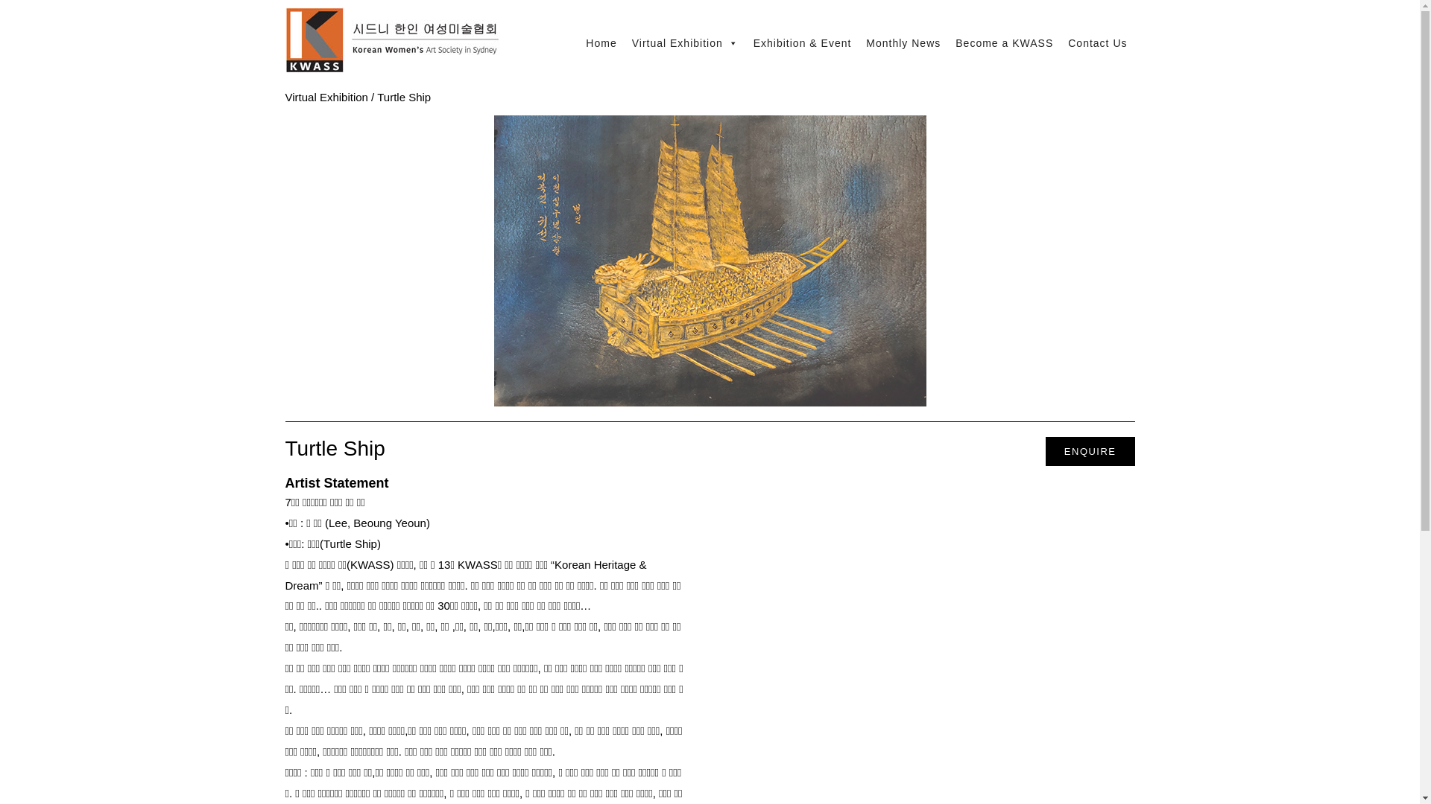 The image size is (1431, 804). What do you see at coordinates (1059, 42) in the screenshot?
I see `'Contact Us'` at bounding box center [1059, 42].